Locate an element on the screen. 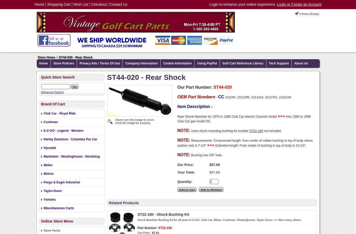 The image size is (356, 234). 'Yamaha' is located at coordinates (49, 199).